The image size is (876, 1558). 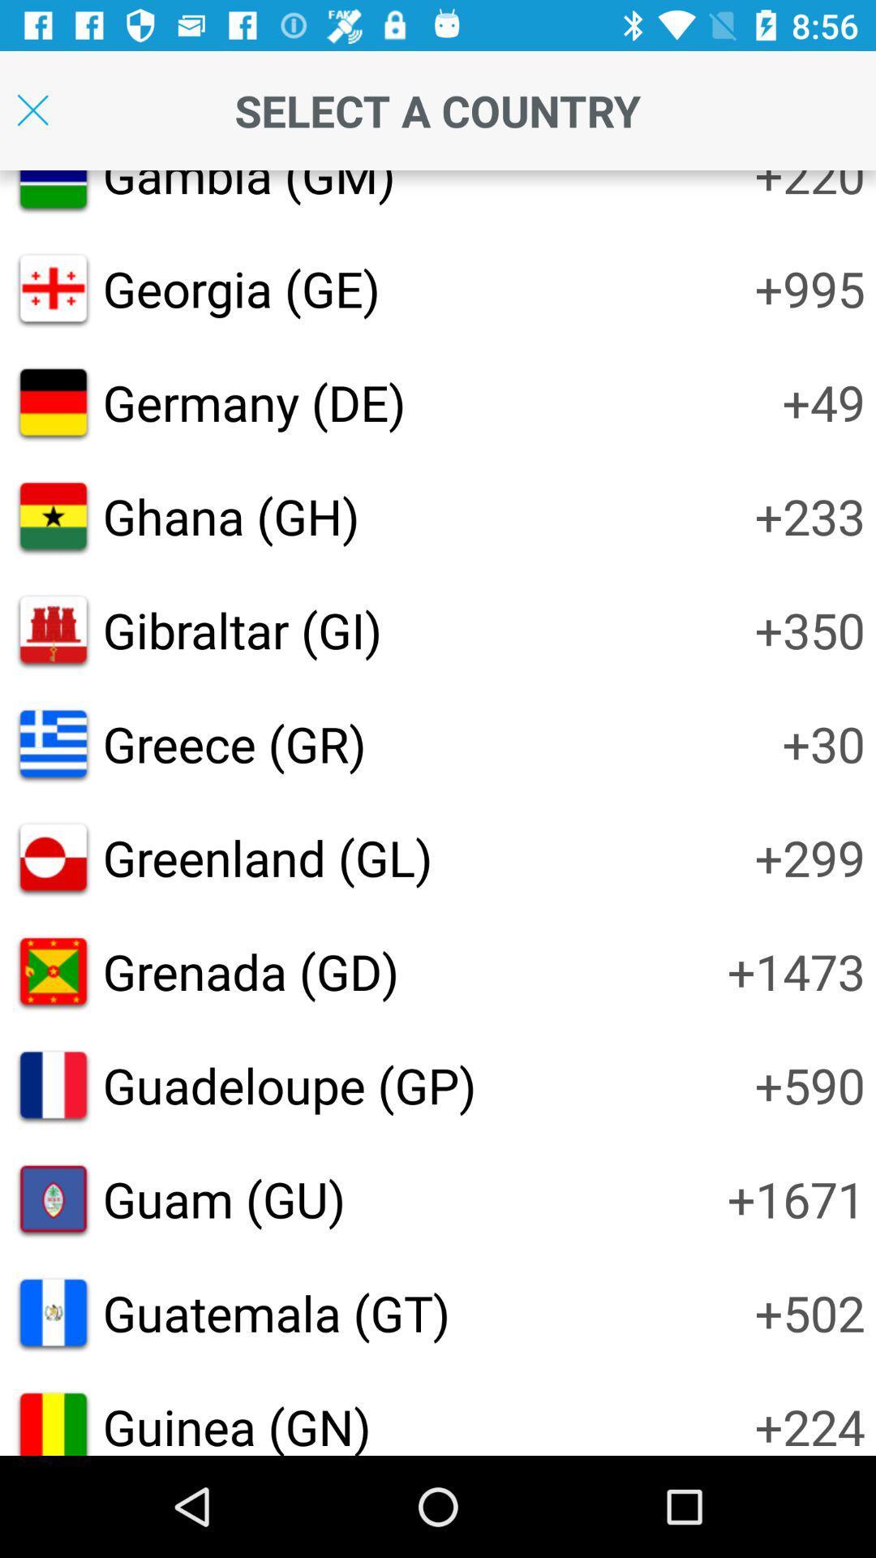 What do you see at coordinates (234, 742) in the screenshot?
I see `item to the left of the +30 icon` at bounding box center [234, 742].